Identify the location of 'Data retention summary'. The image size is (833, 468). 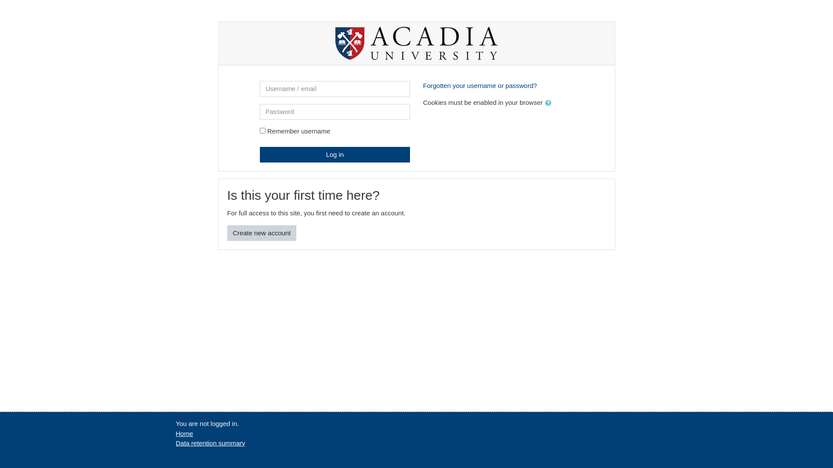
(210, 443).